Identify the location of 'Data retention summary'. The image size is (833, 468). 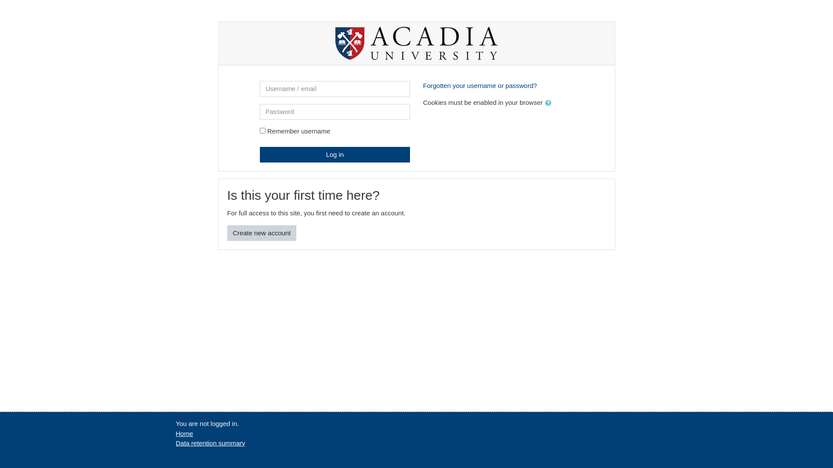
(210, 443).